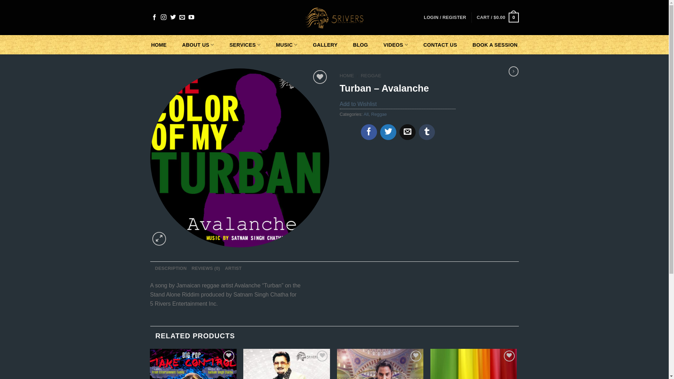 The width and height of the screenshot is (674, 379). What do you see at coordinates (171, 268) in the screenshot?
I see `'DESCRIPTION'` at bounding box center [171, 268].